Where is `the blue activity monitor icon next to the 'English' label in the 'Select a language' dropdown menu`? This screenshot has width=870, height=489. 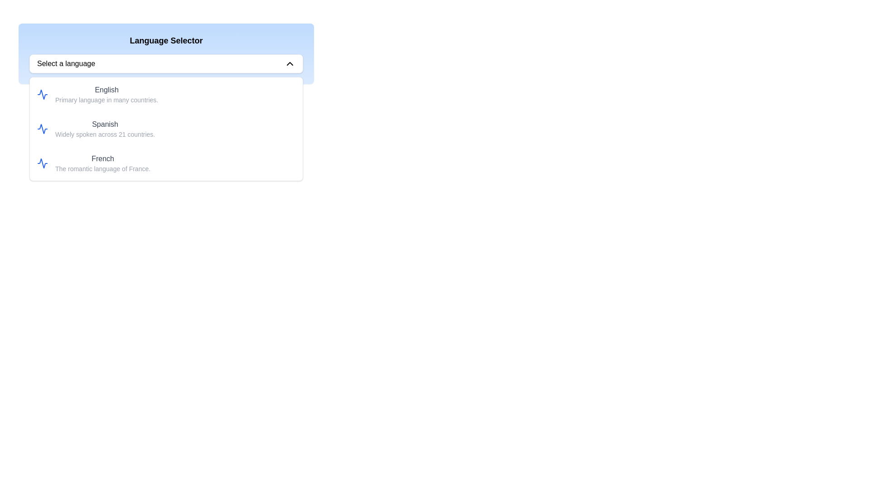
the blue activity monitor icon next to the 'English' label in the 'Select a language' dropdown menu is located at coordinates (42, 94).